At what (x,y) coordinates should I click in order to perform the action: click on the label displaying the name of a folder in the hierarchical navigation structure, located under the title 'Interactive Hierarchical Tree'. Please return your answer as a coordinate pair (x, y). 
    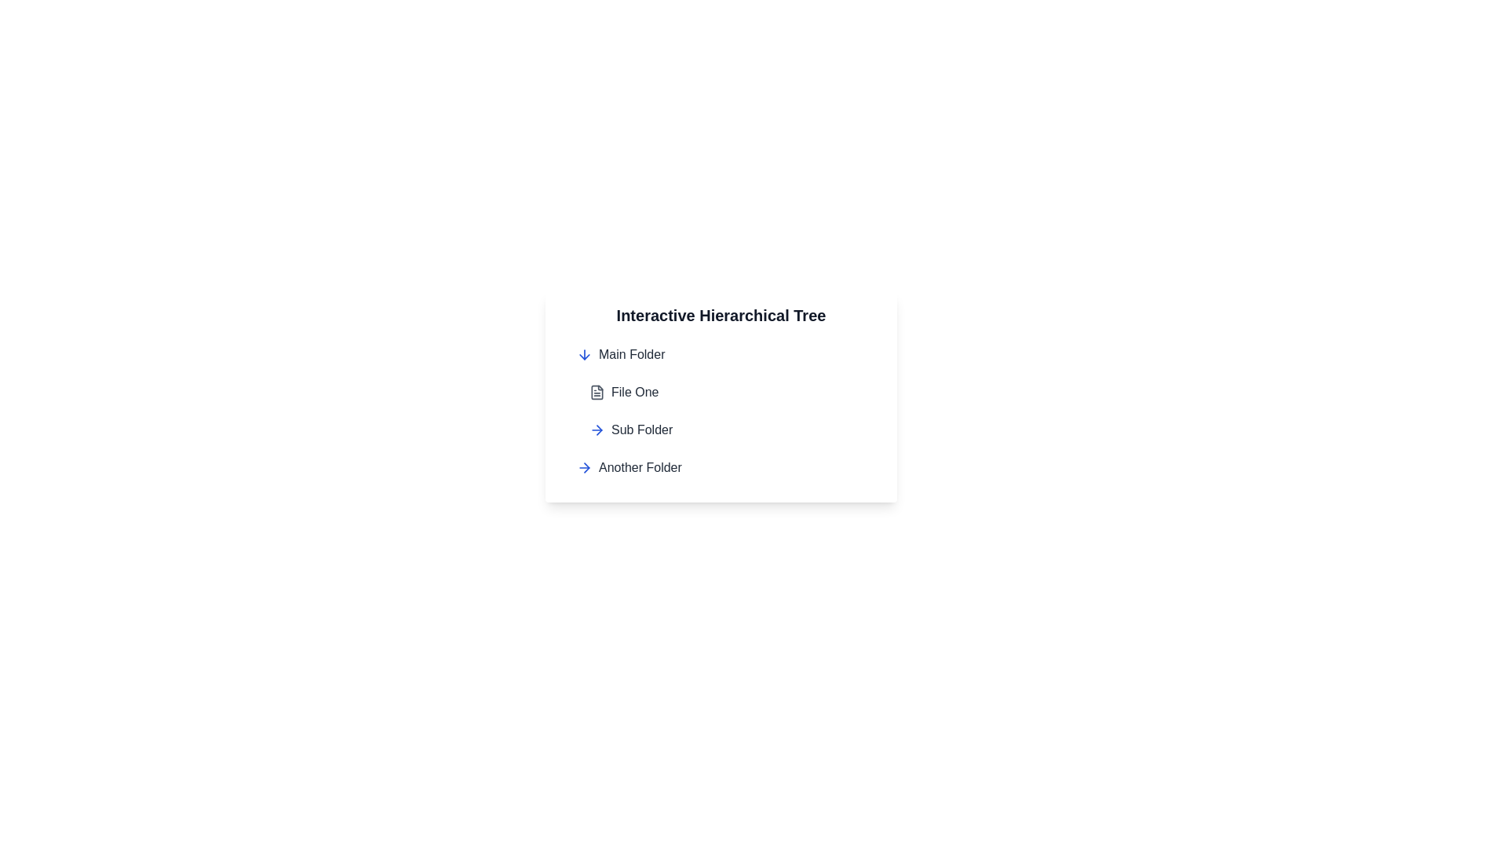
    Looking at the image, I should click on (632, 354).